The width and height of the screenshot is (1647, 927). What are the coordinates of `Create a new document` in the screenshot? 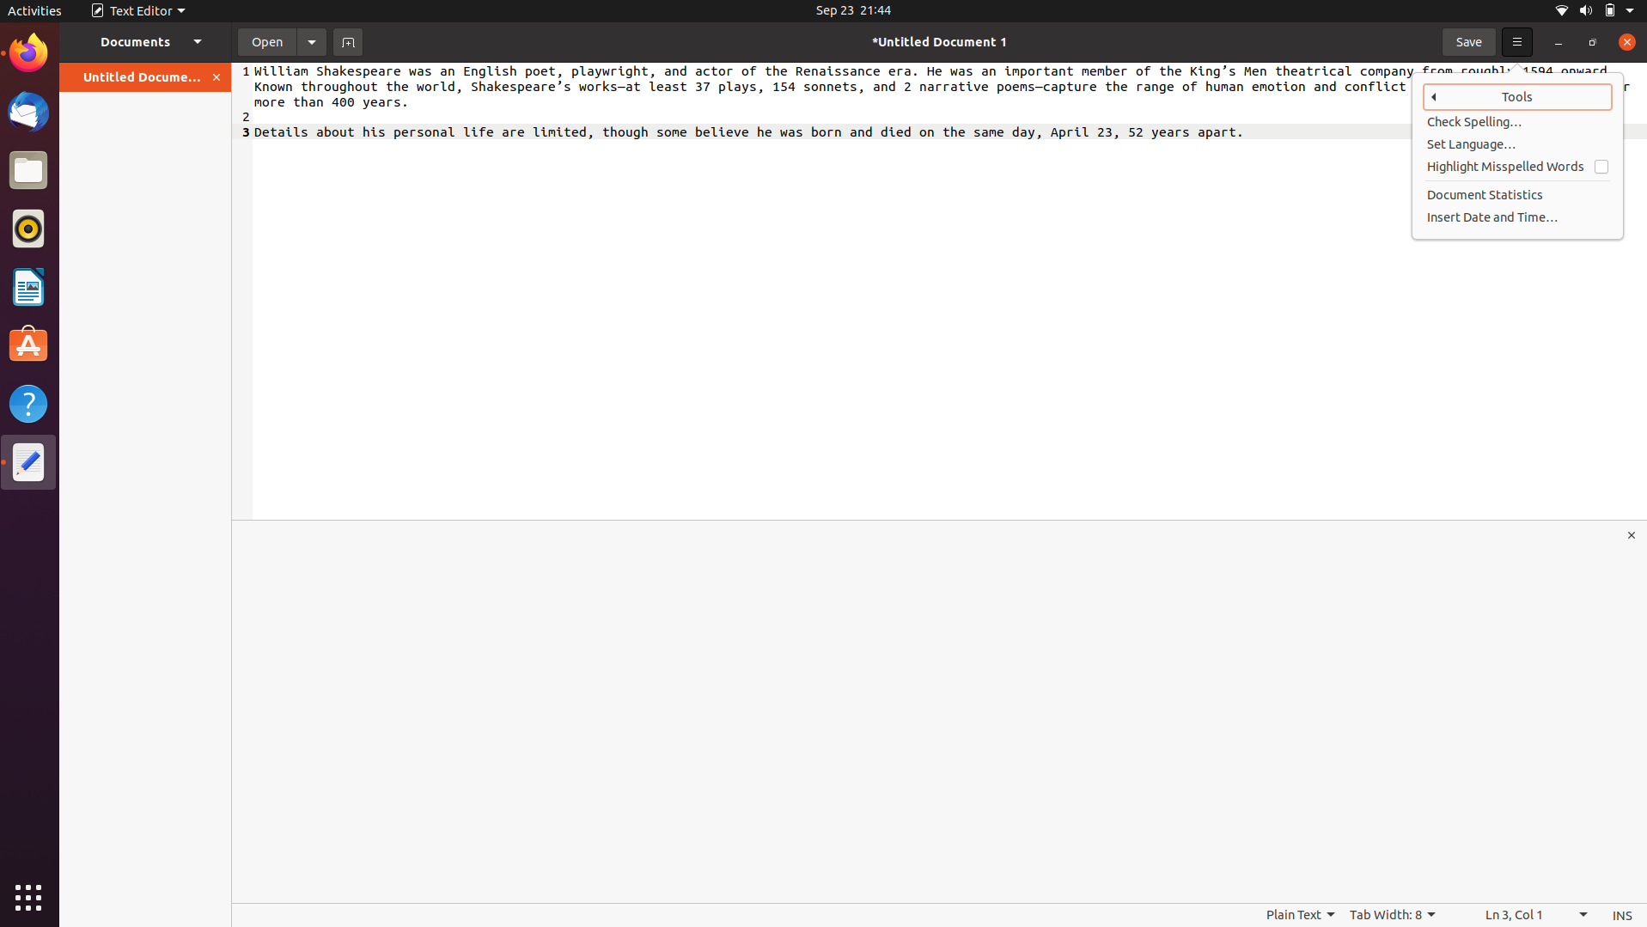 It's located at (347, 40).